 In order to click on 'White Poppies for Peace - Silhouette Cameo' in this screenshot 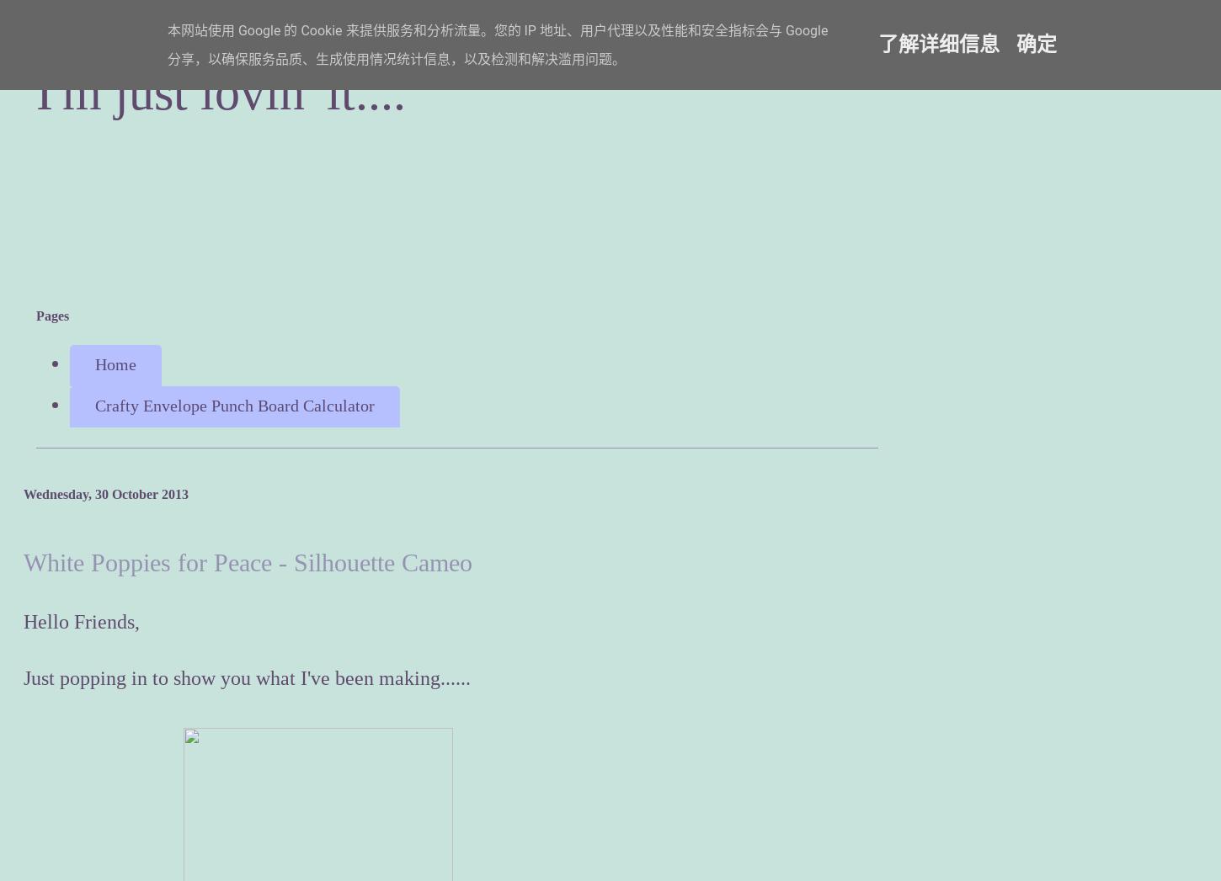, I will do `click(23, 560)`.